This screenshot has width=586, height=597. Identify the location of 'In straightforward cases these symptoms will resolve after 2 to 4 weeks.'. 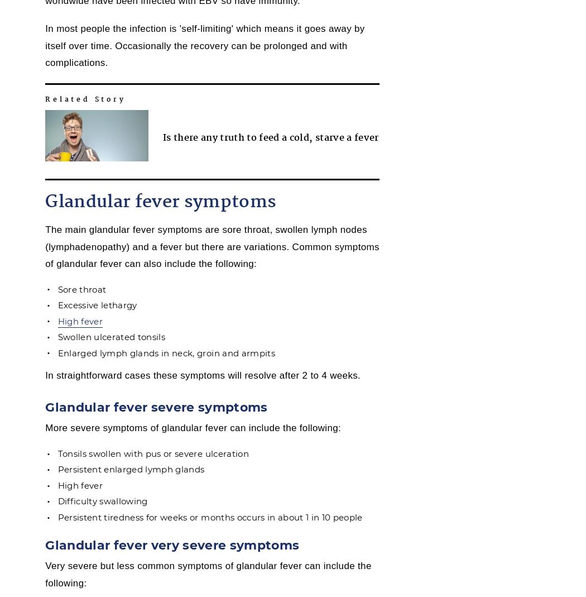
(45, 375).